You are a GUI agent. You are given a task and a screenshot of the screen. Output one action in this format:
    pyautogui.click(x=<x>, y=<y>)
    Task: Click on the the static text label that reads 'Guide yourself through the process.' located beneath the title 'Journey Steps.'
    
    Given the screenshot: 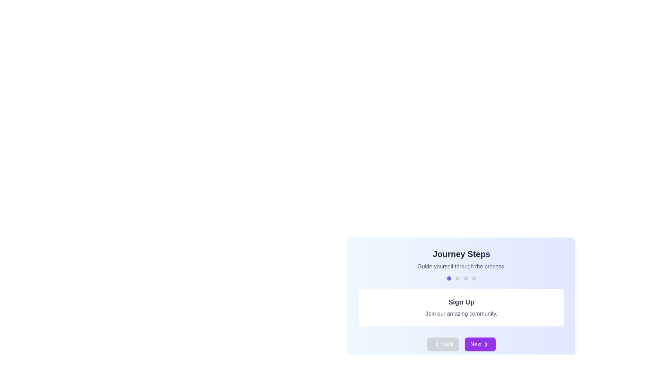 What is the action you would take?
    pyautogui.click(x=461, y=266)
    